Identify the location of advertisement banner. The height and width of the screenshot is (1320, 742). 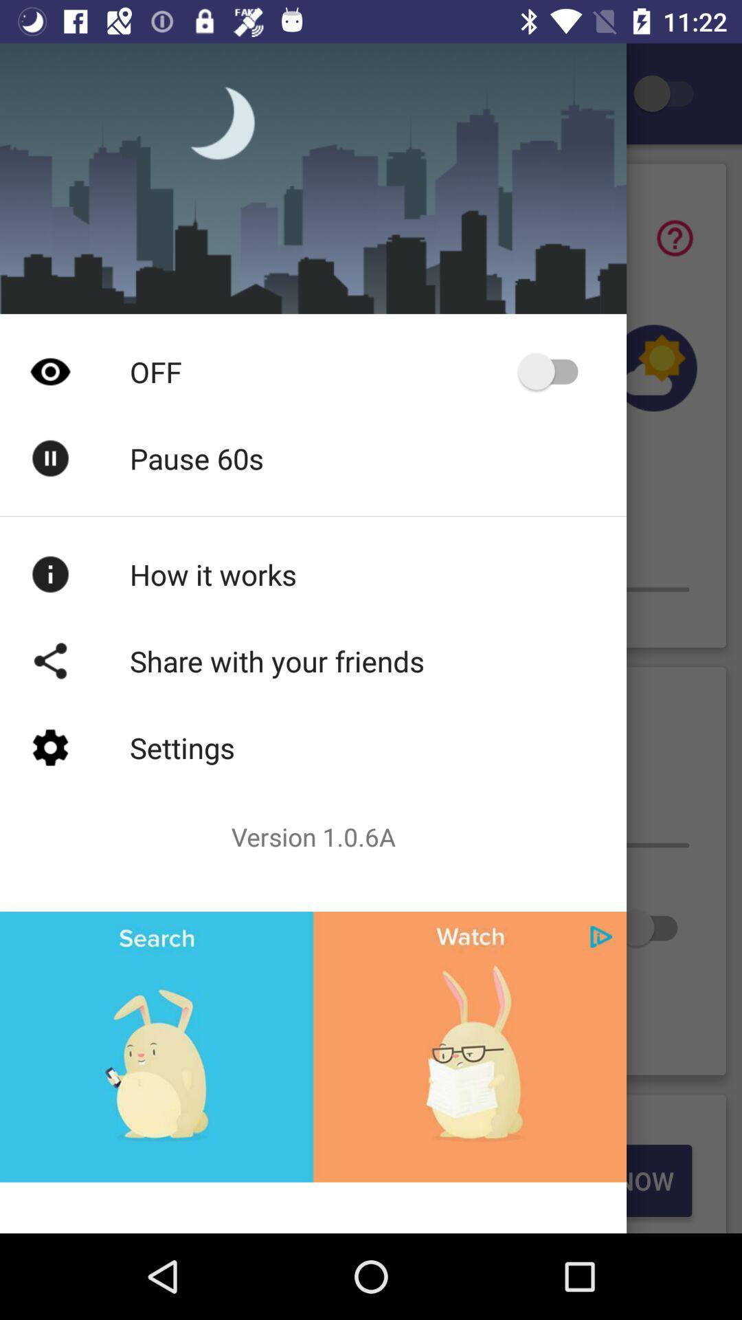
(313, 1046).